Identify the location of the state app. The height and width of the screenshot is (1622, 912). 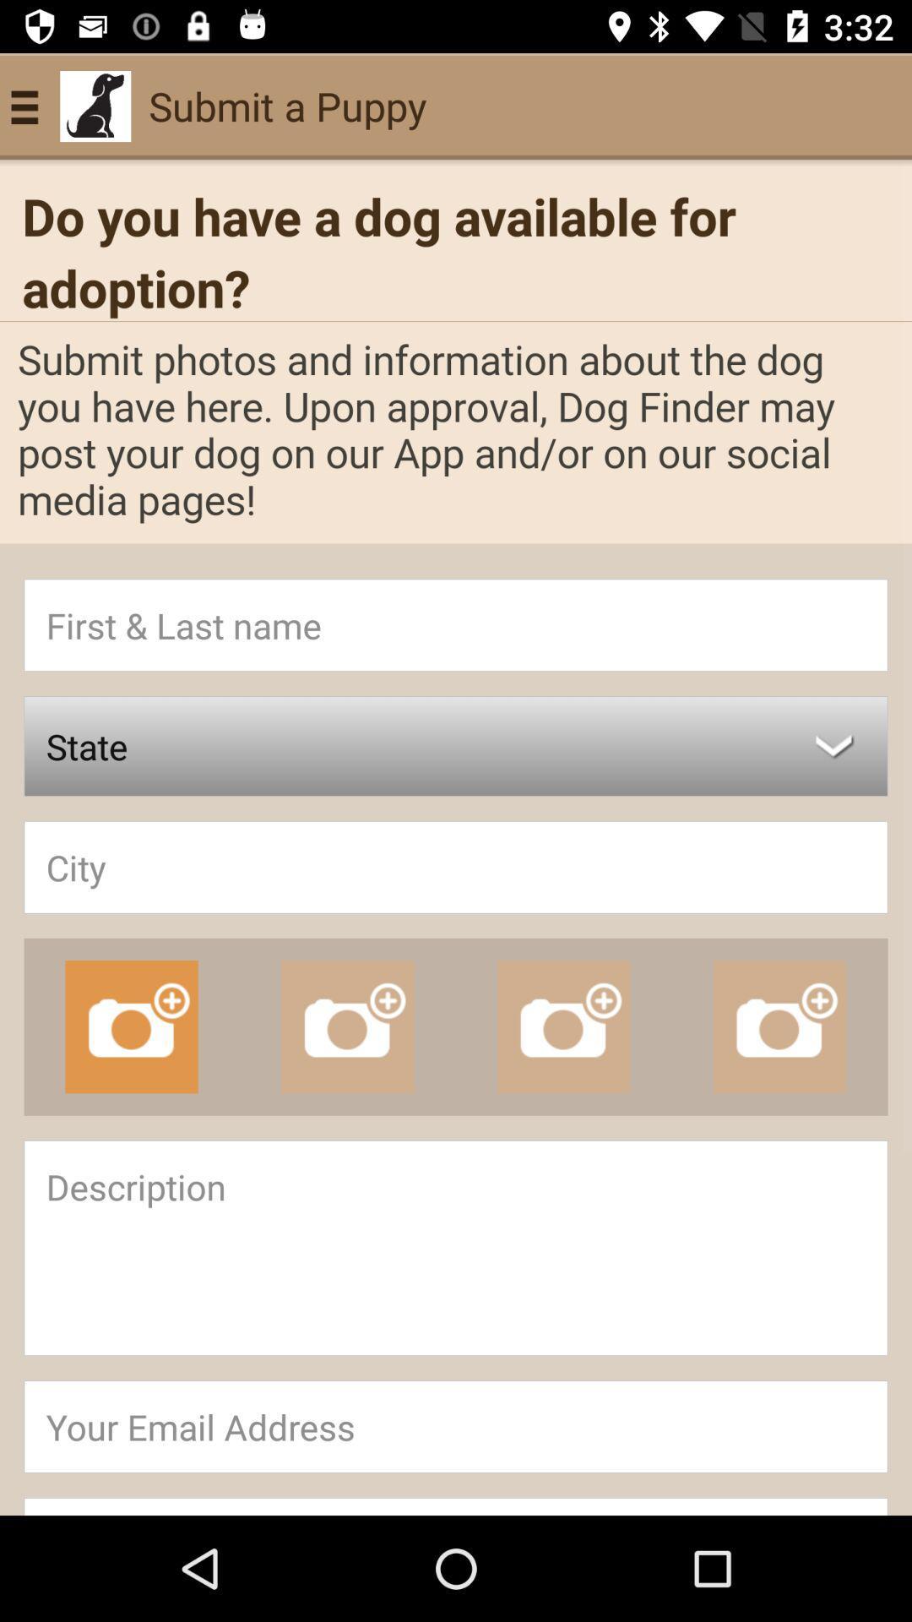
(456, 745).